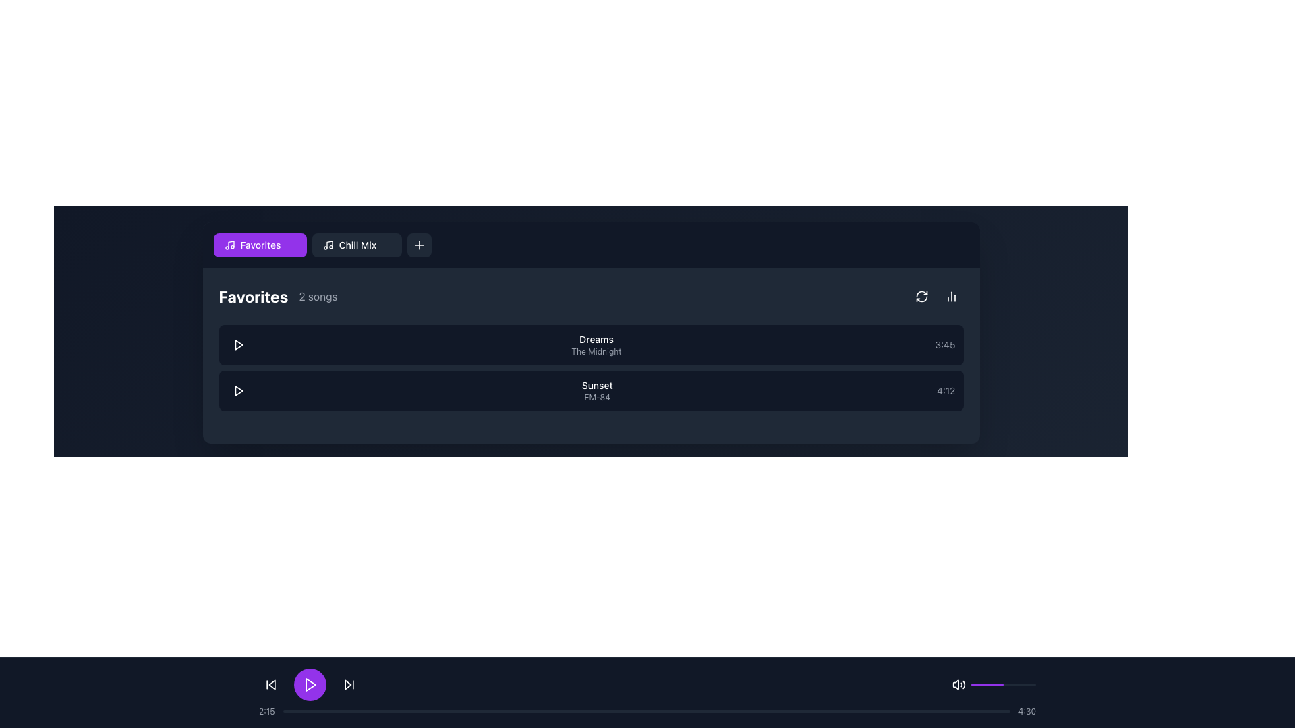  What do you see at coordinates (951, 711) in the screenshot?
I see `the progress bar` at bounding box center [951, 711].